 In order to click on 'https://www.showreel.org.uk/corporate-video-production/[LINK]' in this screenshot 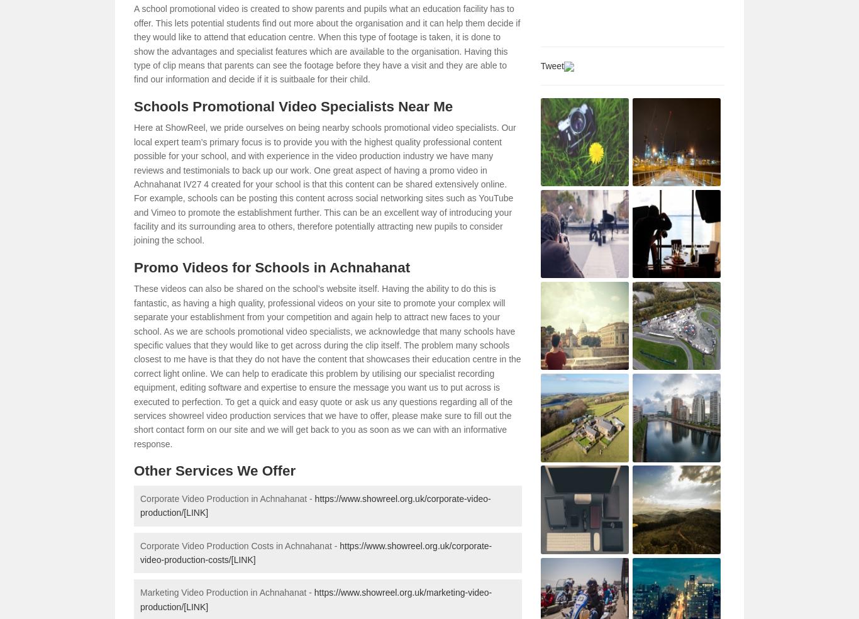, I will do `click(140, 505)`.